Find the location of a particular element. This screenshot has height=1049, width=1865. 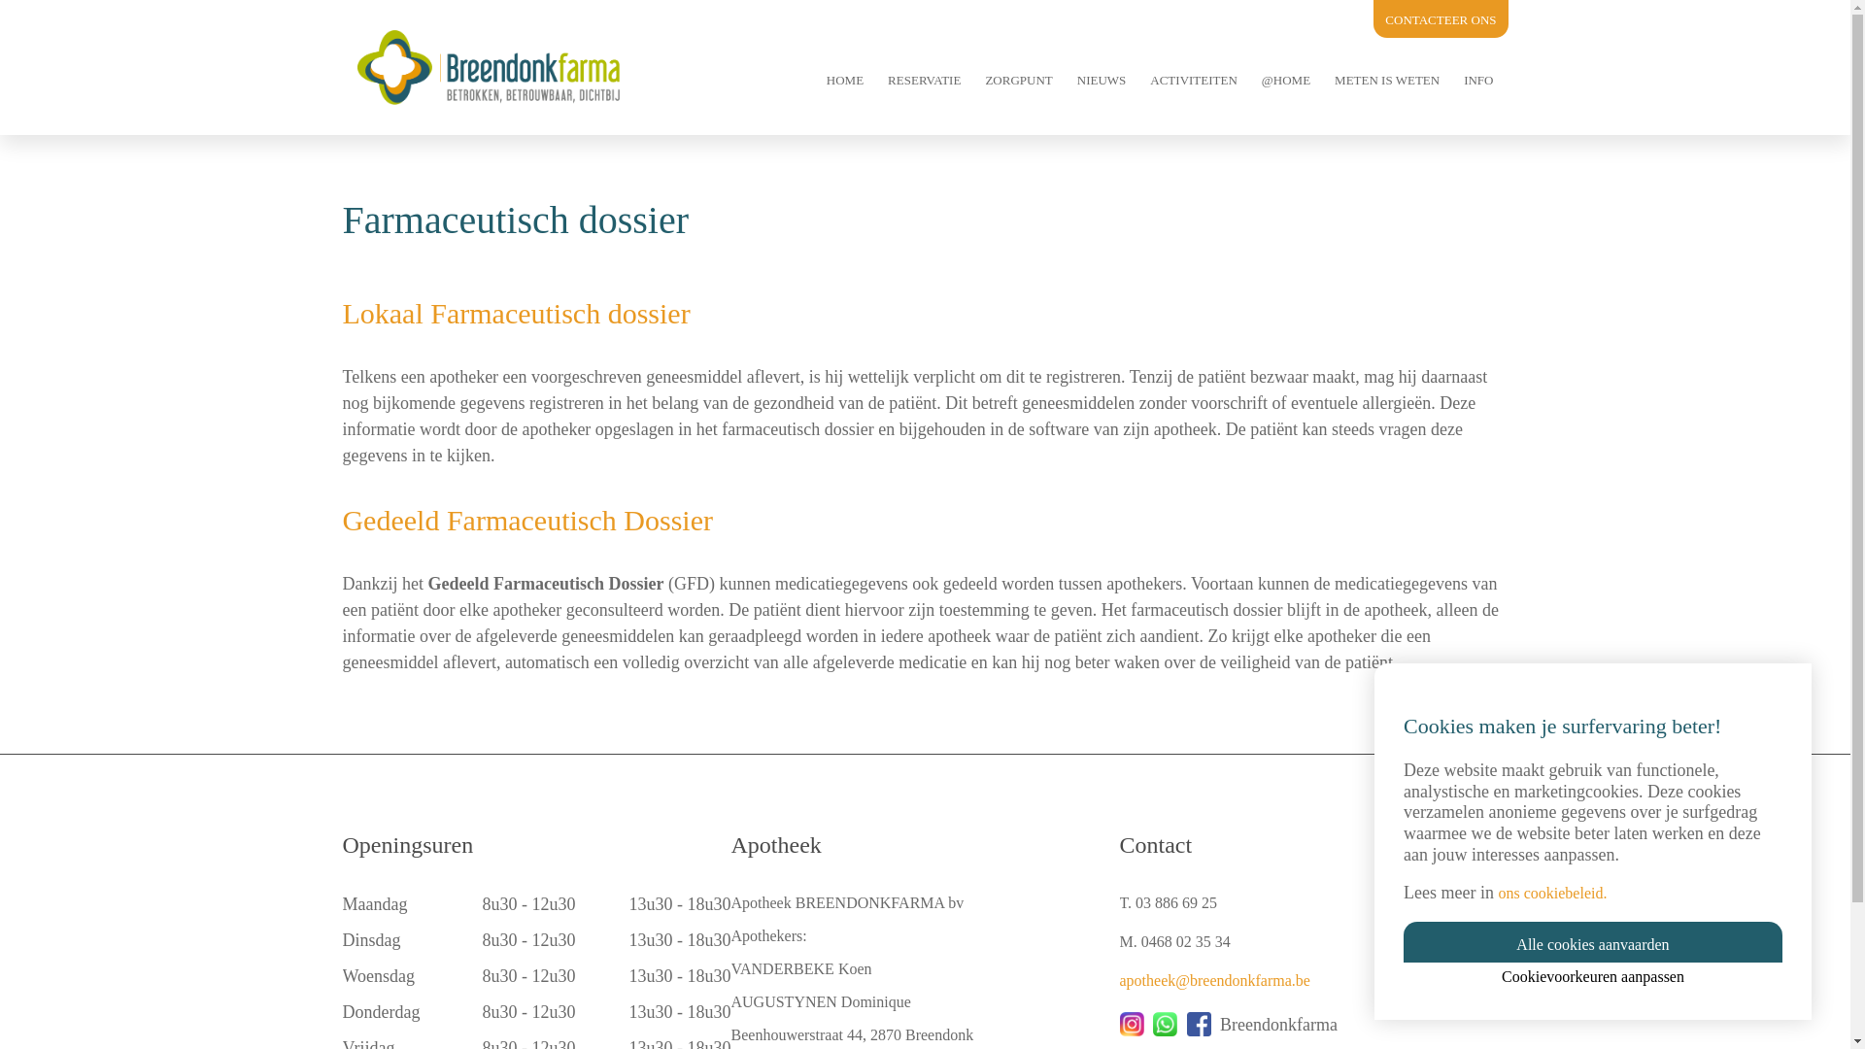

'HOME' is located at coordinates (844, 78).